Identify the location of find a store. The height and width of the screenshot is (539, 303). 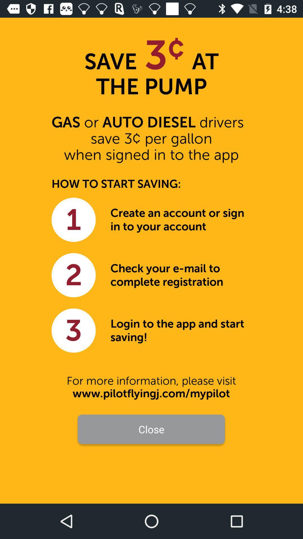
(151, 455).